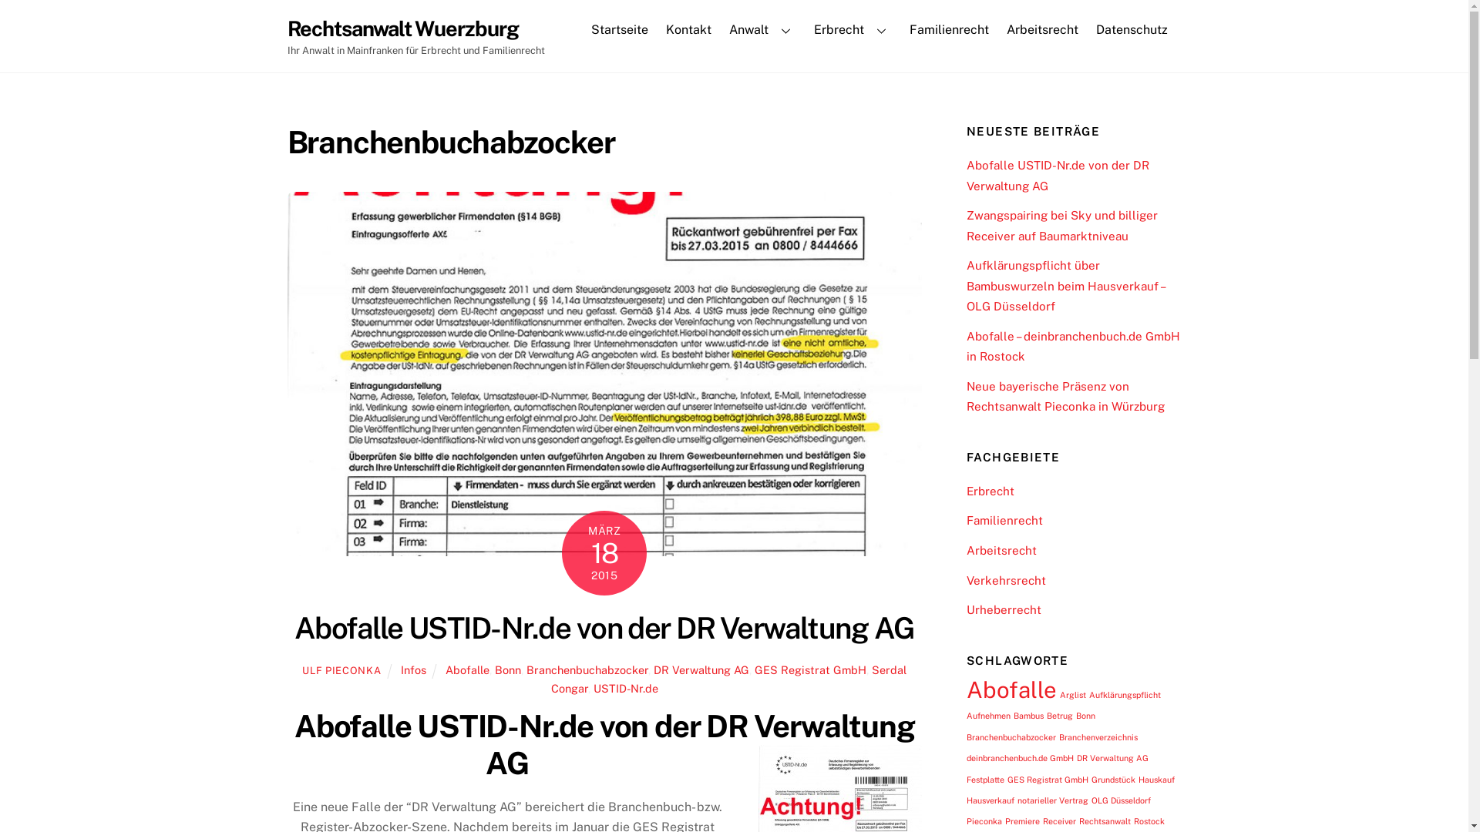 This screenshot has height=832, width=1480. I want to click on 'Rechtsanwalt Wuerzburg', so click(402, 29).